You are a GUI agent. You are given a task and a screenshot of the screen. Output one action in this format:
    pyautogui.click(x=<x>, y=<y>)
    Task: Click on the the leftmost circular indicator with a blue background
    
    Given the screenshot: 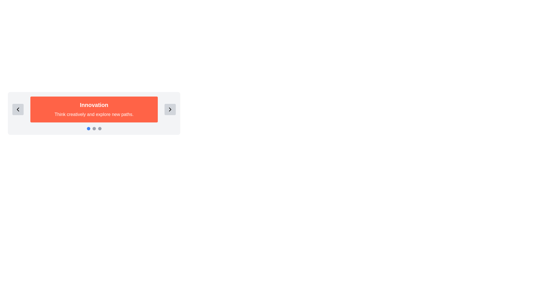 What is the action you would take?
    pyautogui.click(x=88, y=128)
    